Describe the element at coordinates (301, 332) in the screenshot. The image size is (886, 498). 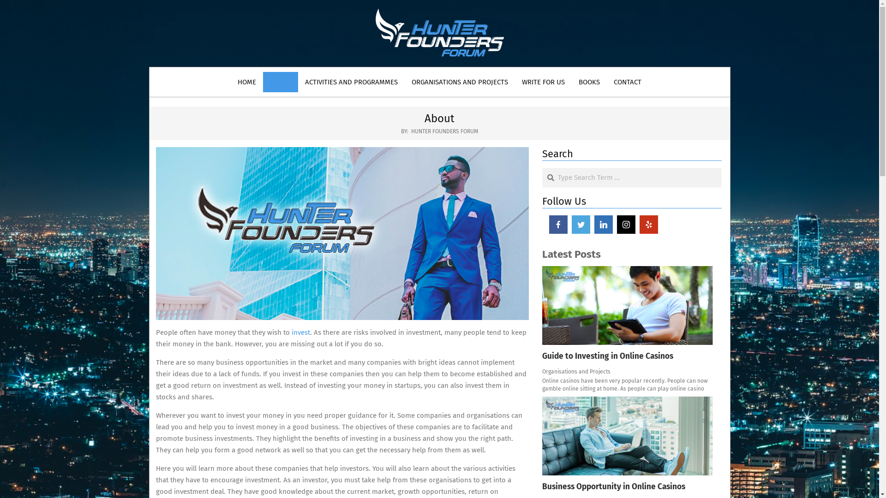
I see `'invest'` at that location.